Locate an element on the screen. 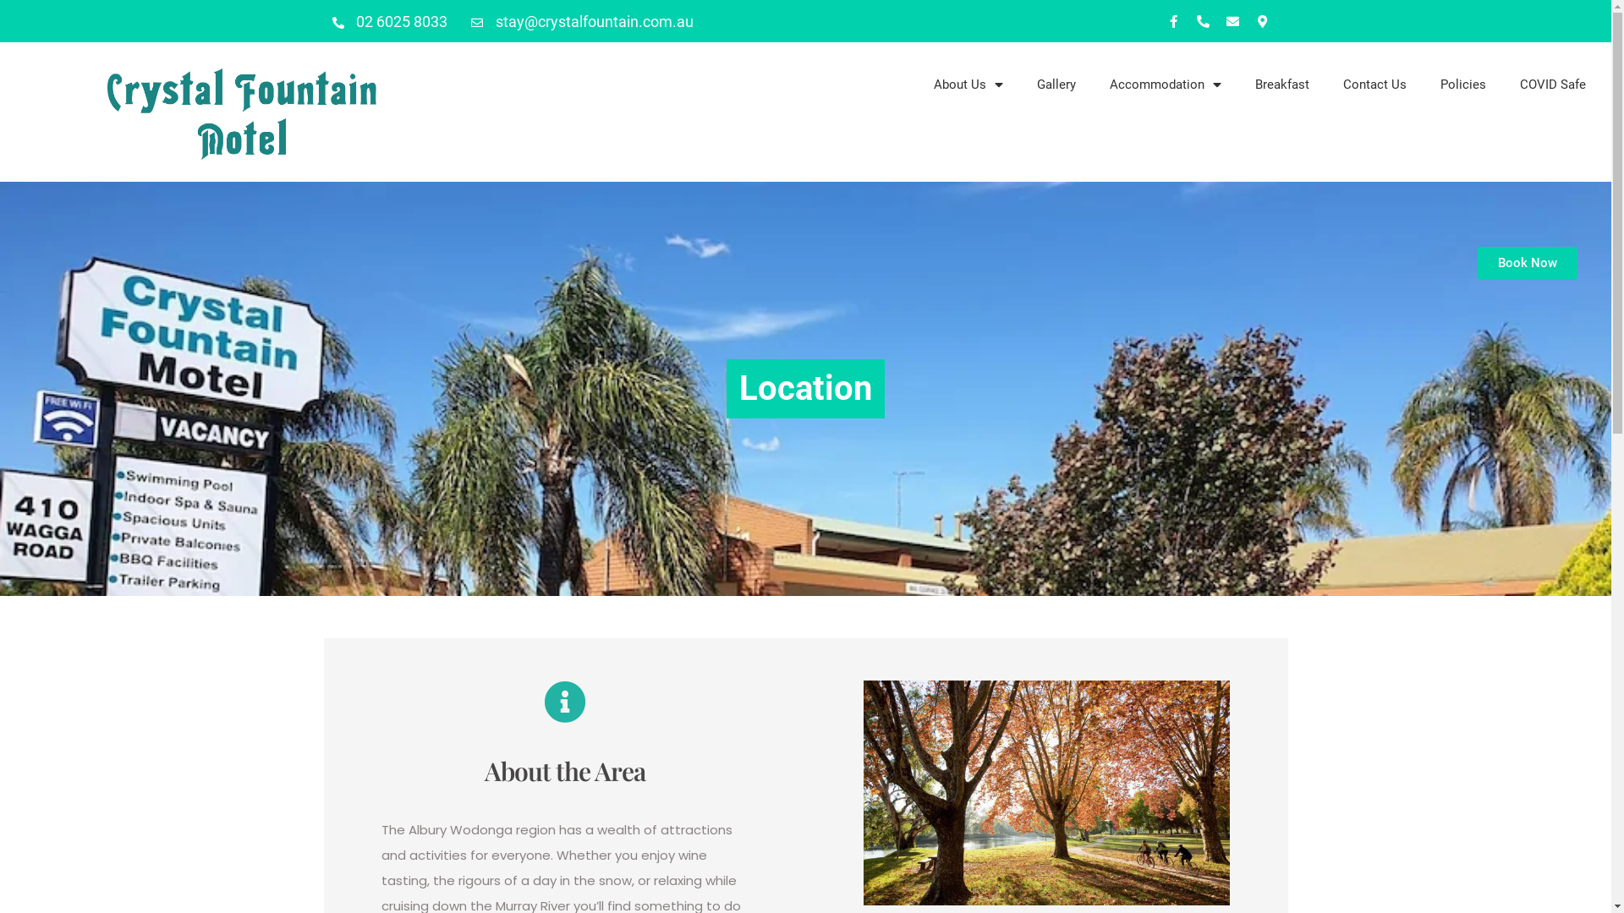 The width and height of the screenshot is (1624, 913). 'Contact Us' is located at coordinates (1325, 85).